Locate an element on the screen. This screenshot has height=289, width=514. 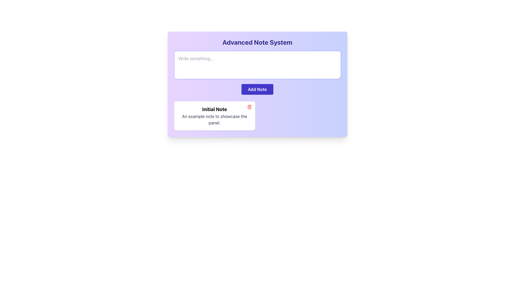
the trash can icon button located at the top-right corner of the 'Initial Note' panel to observe the color change effect is located at coordinates (249, 107).